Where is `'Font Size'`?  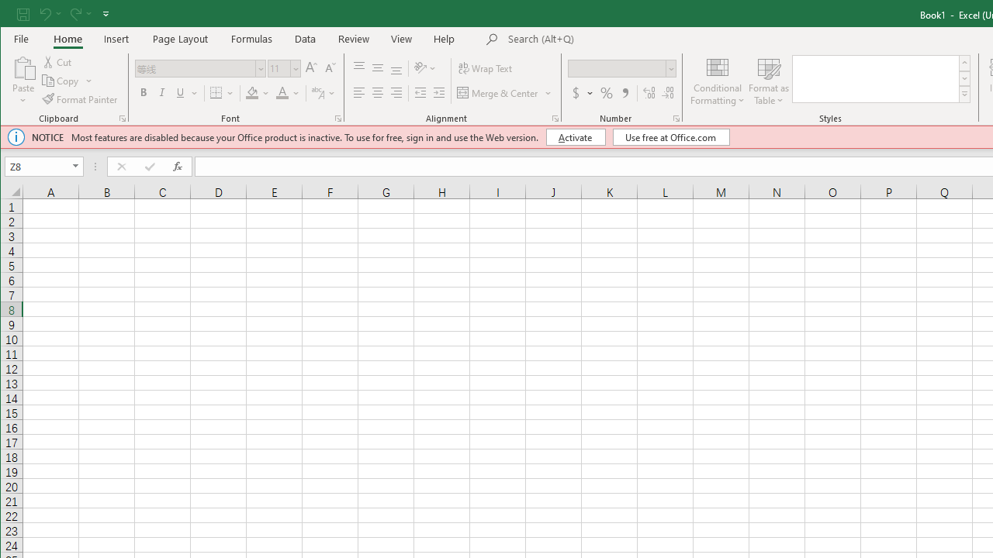
'Font Size' is located at coordinates (284, 67).